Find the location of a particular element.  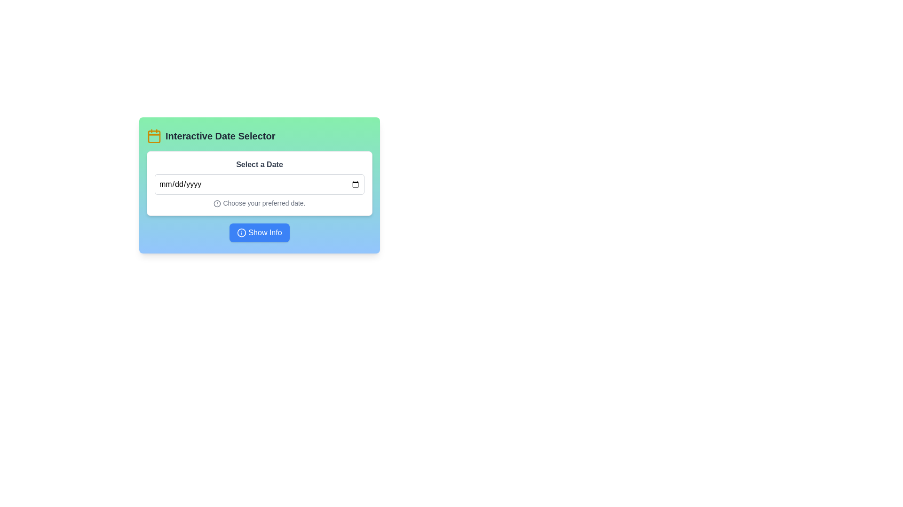

the date input field with placeholder text 'mm/dd/yyyy' located below the label 'Select a Date' and above the hint 'Choose your preferred date' is located at coordinates (260, 184).